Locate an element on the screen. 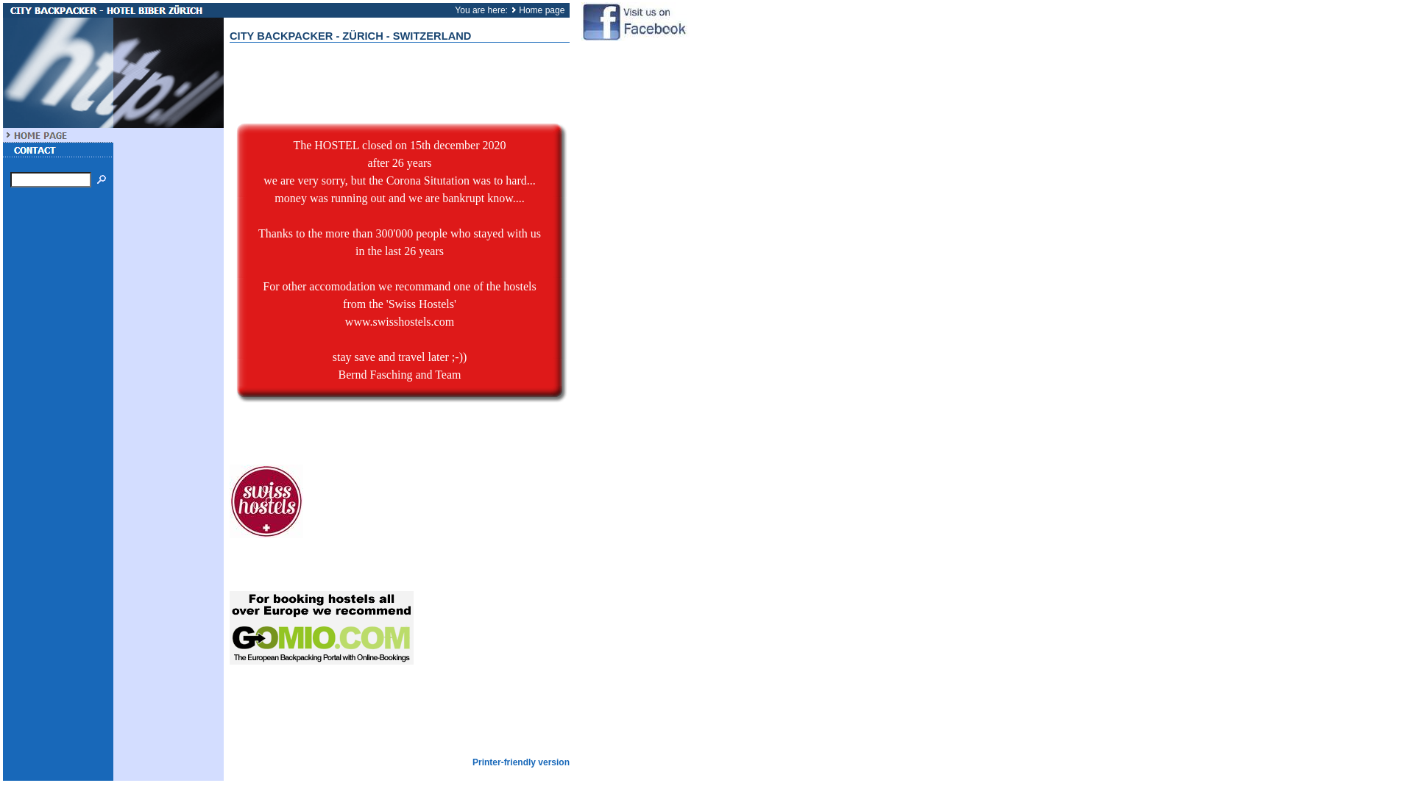 The width and height of the screenshot is (1413, 794). 'Printer-friendly version' is located at coordinates (521, 762).